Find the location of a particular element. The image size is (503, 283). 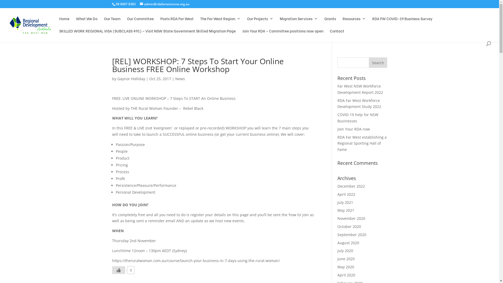

'May 2020' is located at coordinates (346, 267).